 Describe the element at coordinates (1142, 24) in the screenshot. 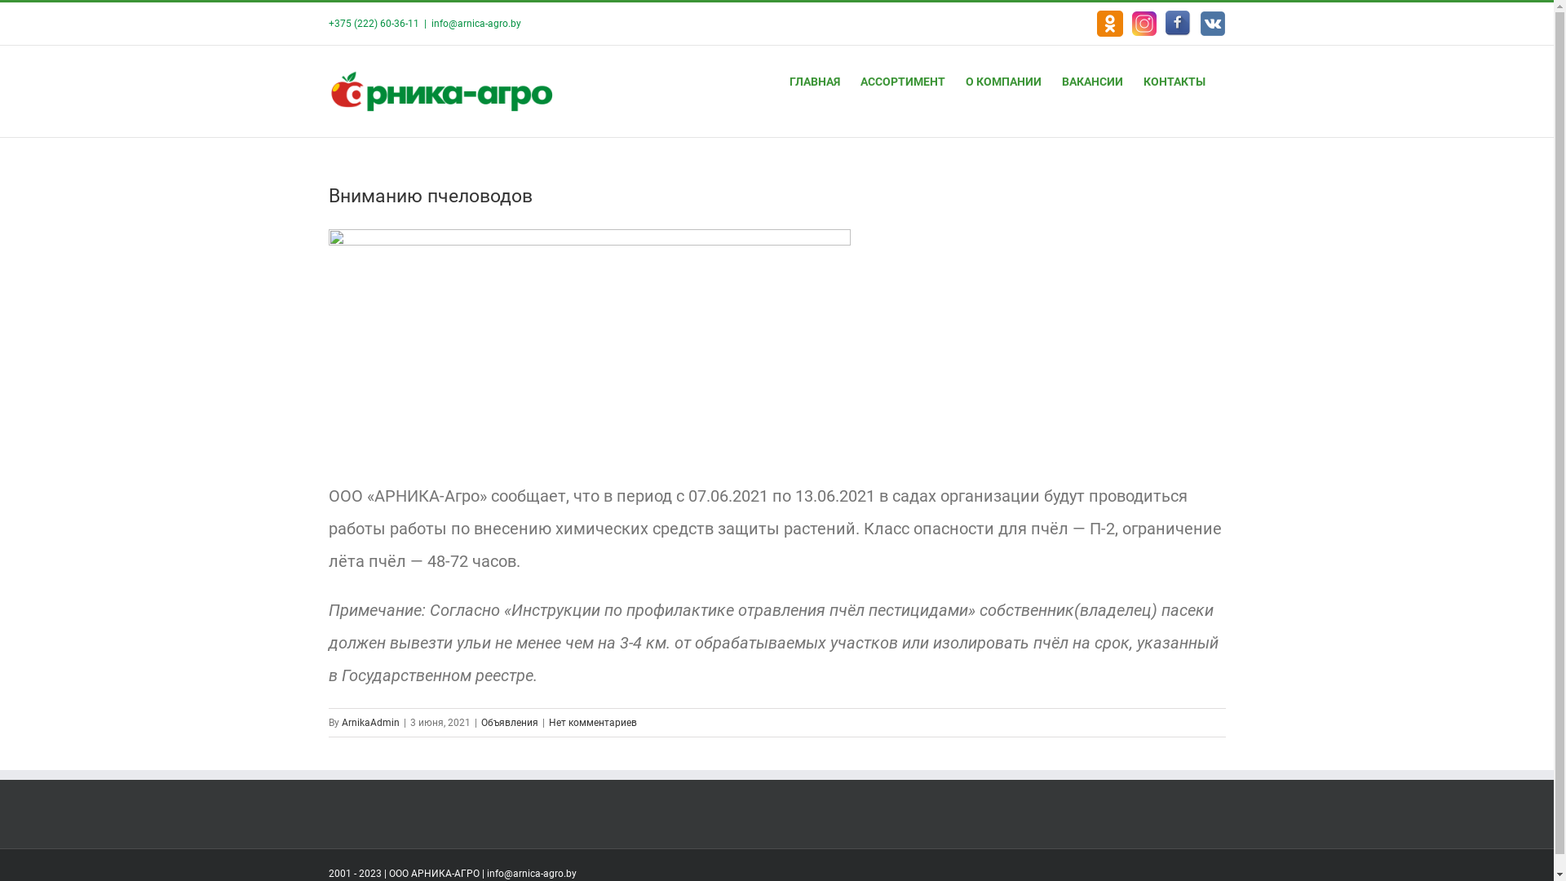

I see `'Instagram'` at that location.